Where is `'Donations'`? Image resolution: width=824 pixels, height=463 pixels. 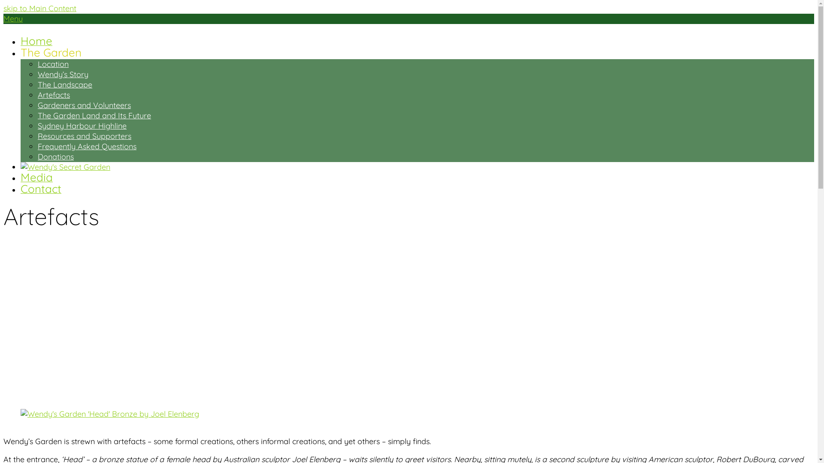
'Donations' is located at coordinates (55, 156).